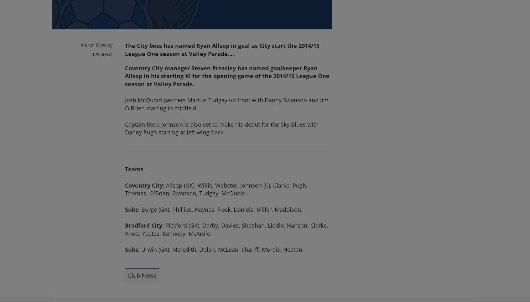 The height and width of the screenshot is (302, 530). I want to click on 'Burge (GK), Phillips, Haynes, Fleck, Daniels, Miller, Maddison.', so click(221, 209).